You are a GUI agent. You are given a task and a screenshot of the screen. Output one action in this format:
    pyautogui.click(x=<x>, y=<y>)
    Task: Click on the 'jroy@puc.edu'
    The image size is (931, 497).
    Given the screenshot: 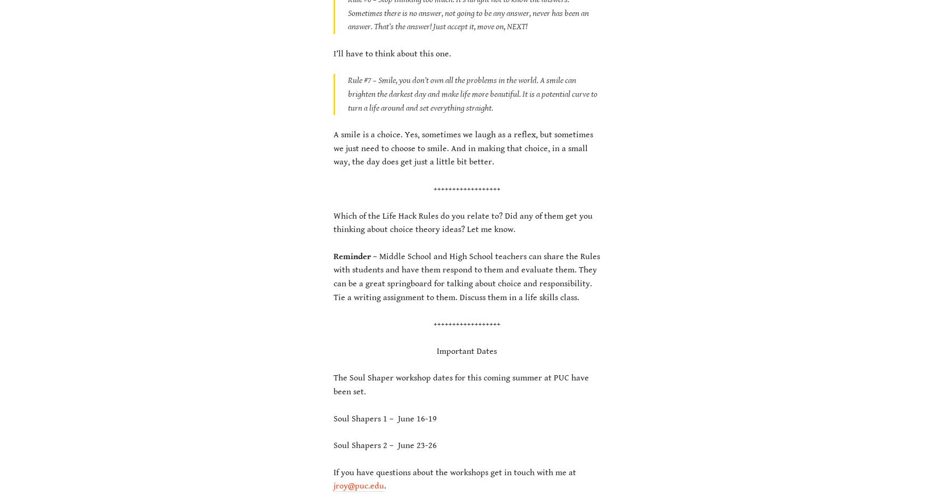 What is the action you would take?
    pyautogui.click(x=333, y=486)
    